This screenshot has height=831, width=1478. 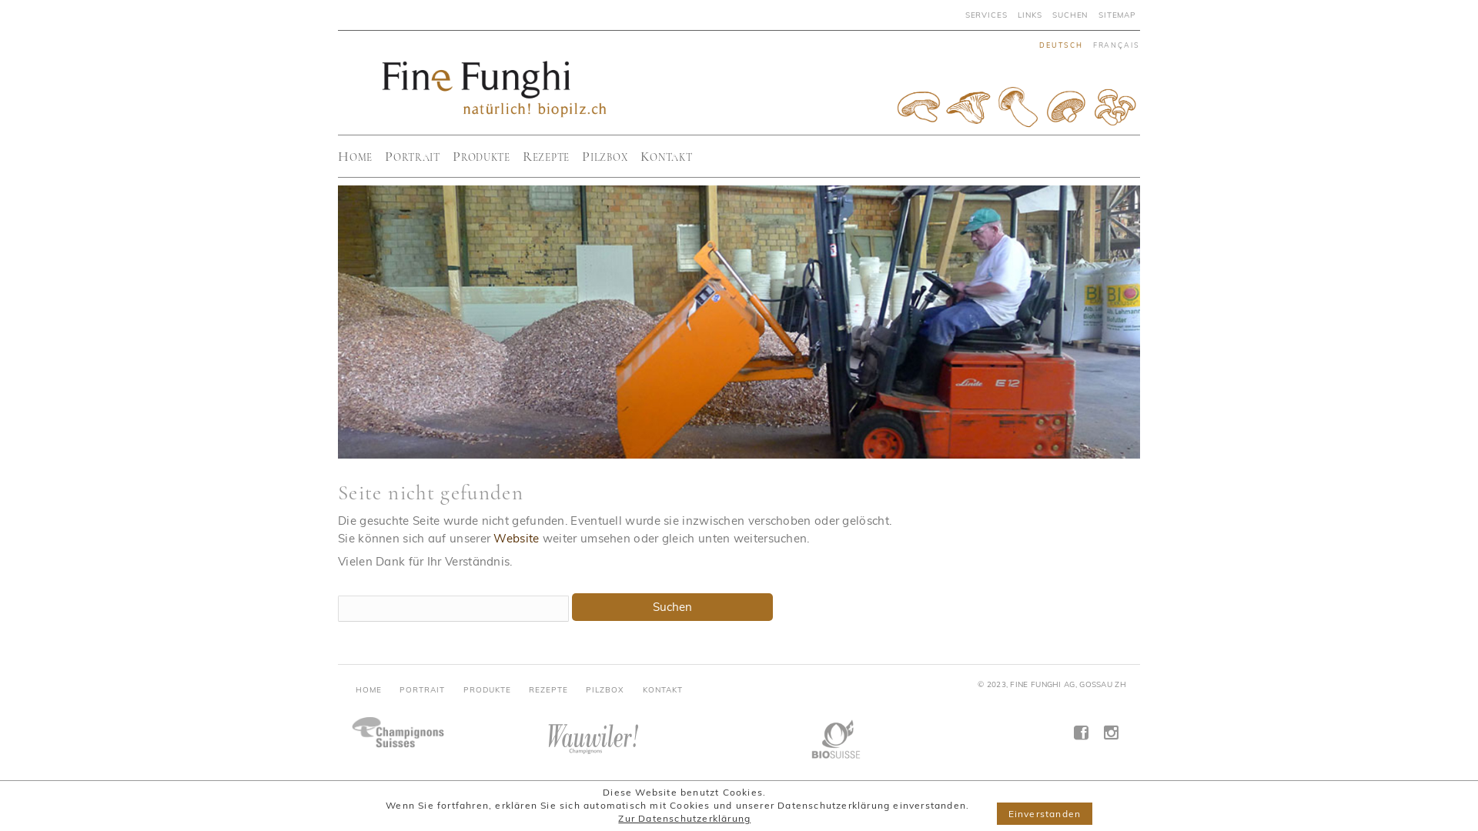 What do you see at coordinates (662, 689) in the screenshot?
I see `'KONTAKT'` at bounding box center [662, 689].